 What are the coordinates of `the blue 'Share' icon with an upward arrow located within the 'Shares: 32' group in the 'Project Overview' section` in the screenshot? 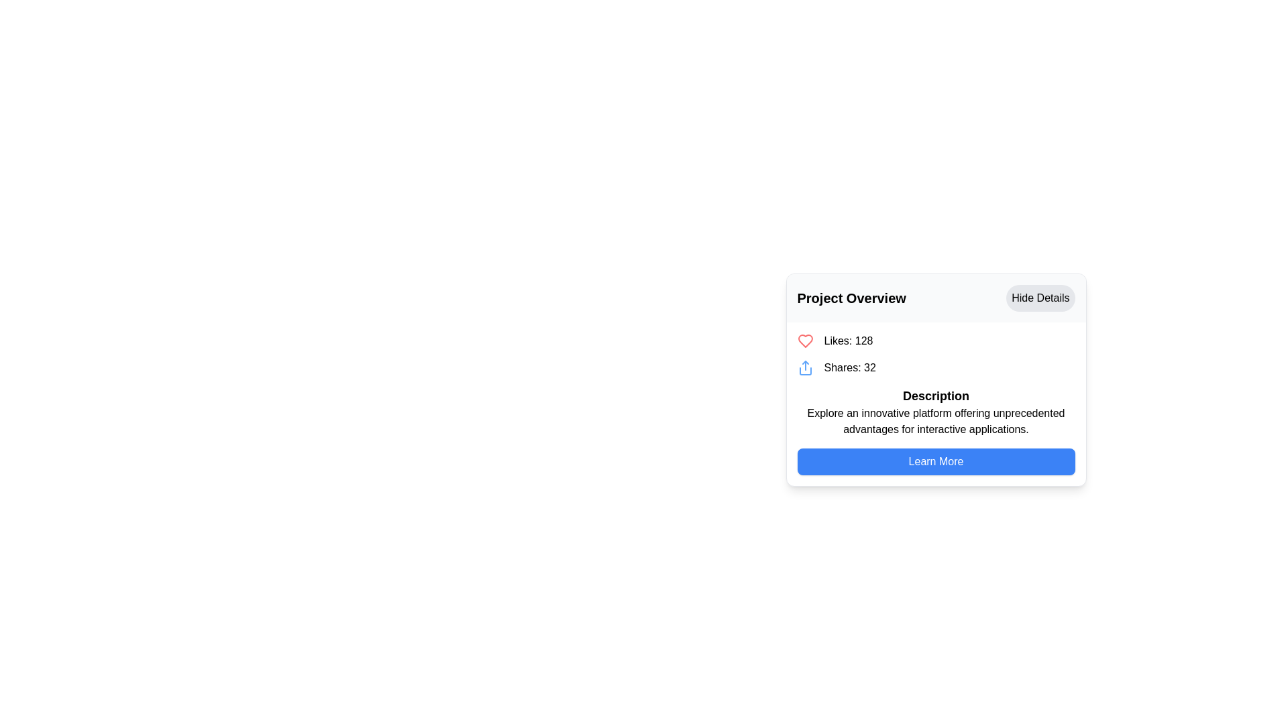 It's located at (805, 367).